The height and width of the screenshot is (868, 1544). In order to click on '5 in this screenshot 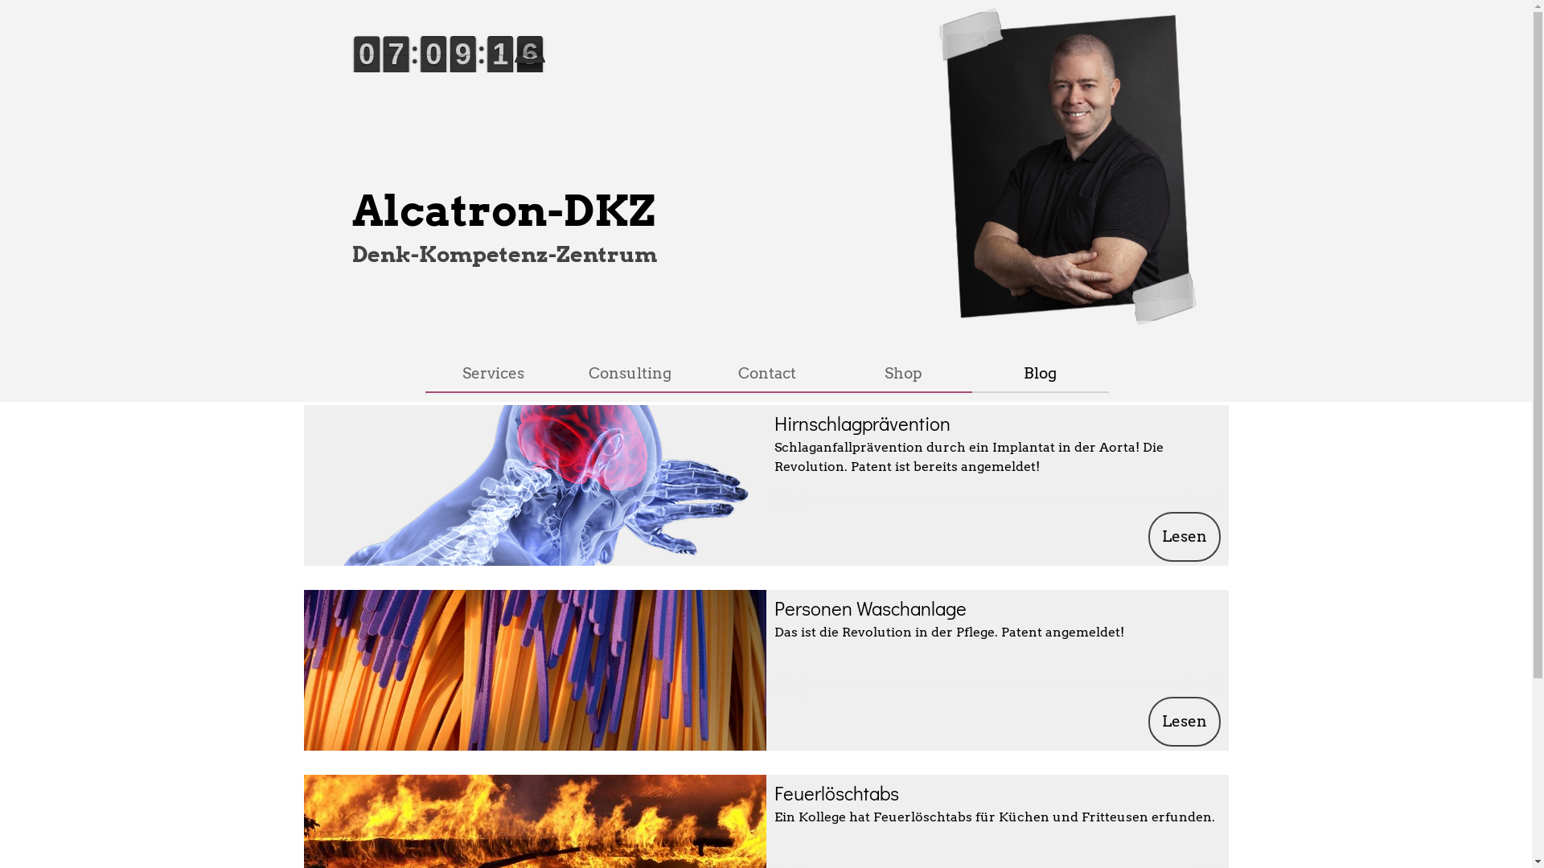, I will do `click(540, 73)`.